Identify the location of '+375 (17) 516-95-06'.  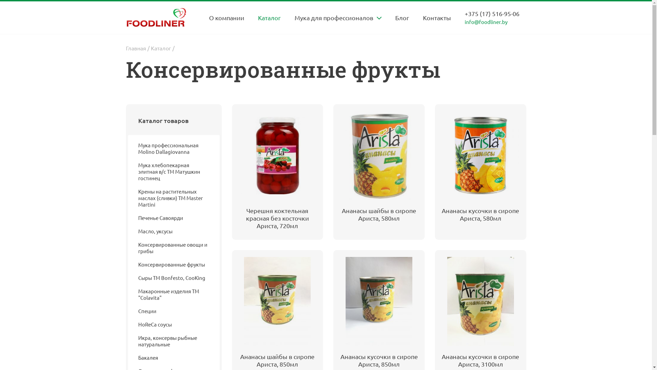
(492, 13).